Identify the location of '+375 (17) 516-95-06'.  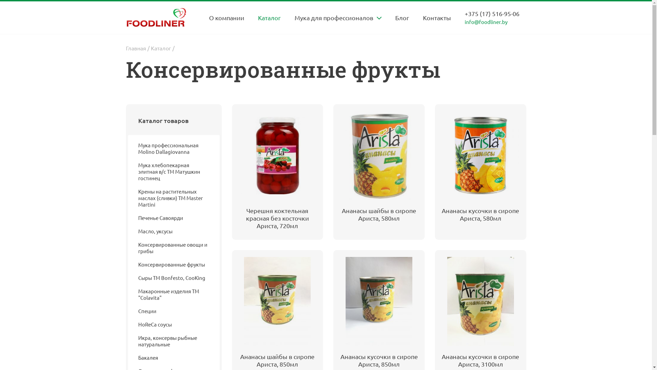
(492, 13).